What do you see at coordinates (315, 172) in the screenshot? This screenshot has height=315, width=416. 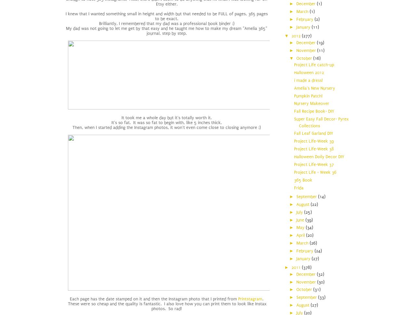 I see `'Project Life - Week 36'` at bounding box center [315, 172].